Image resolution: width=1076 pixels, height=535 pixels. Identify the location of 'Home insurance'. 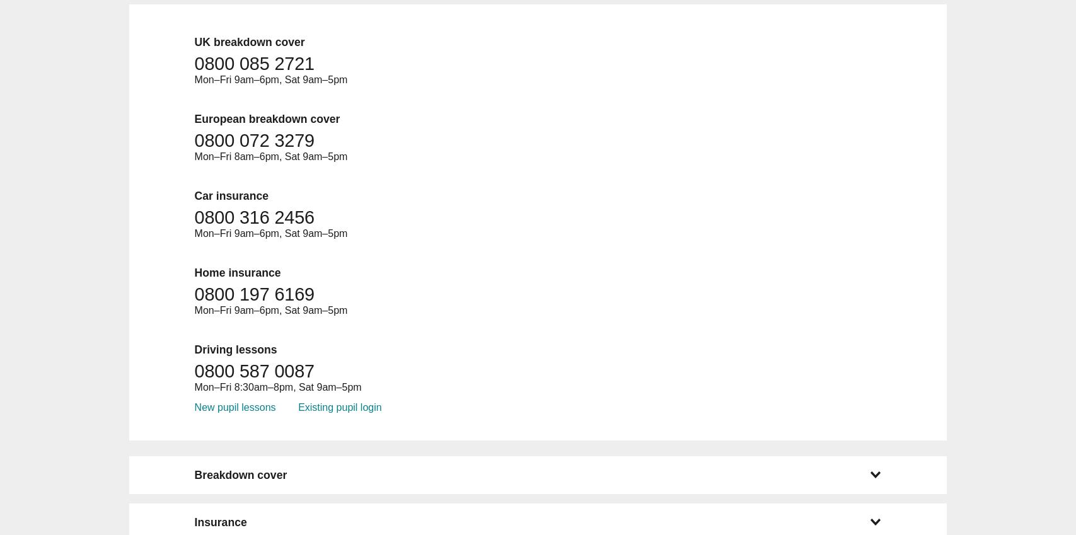
(237, 272).